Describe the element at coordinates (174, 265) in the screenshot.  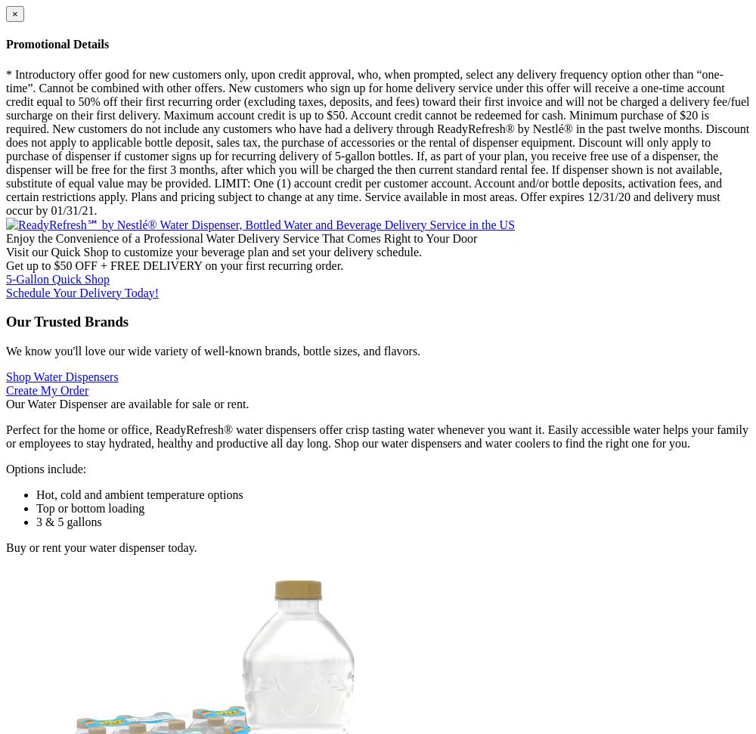
I see `'Get up to $50 OFF + FREE DELIVERY on your first recurring order.'` at that location.